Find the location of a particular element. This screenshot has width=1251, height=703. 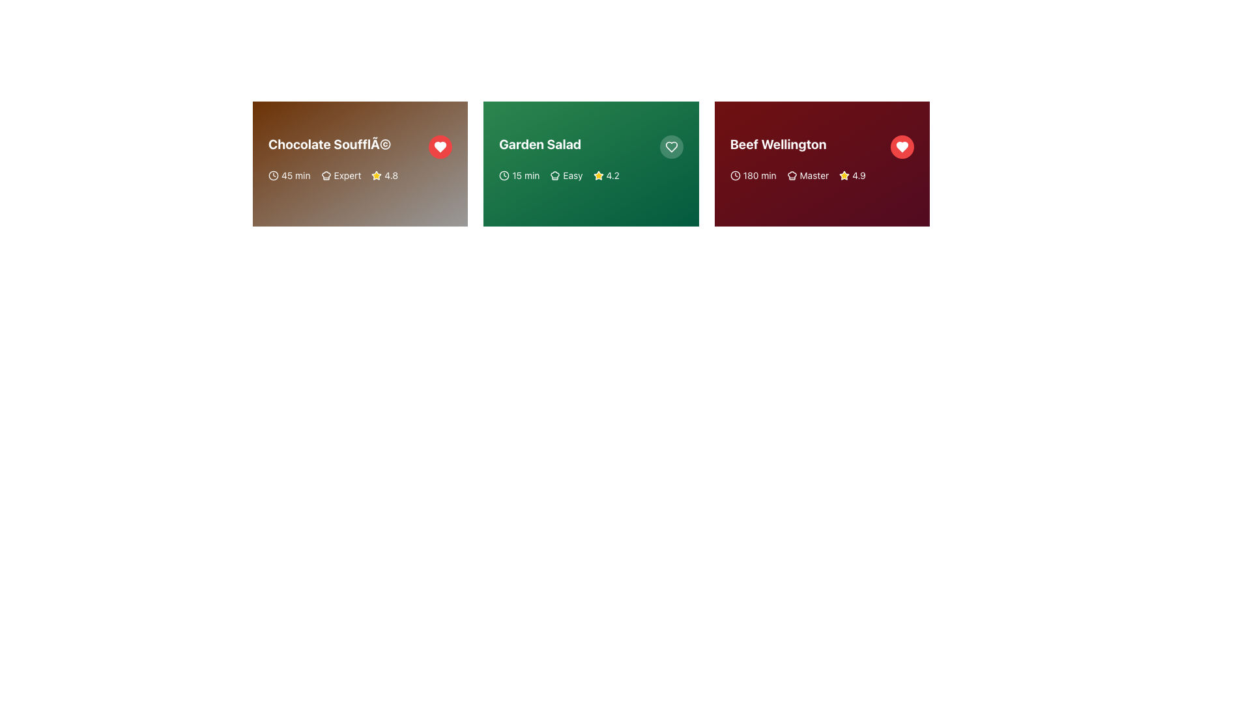

the informational text element indicating the duration of 180 minutes for the 'Beef Wellington' recipe, located in the bottom-left corner of its section is located at coordinates (753, 176).